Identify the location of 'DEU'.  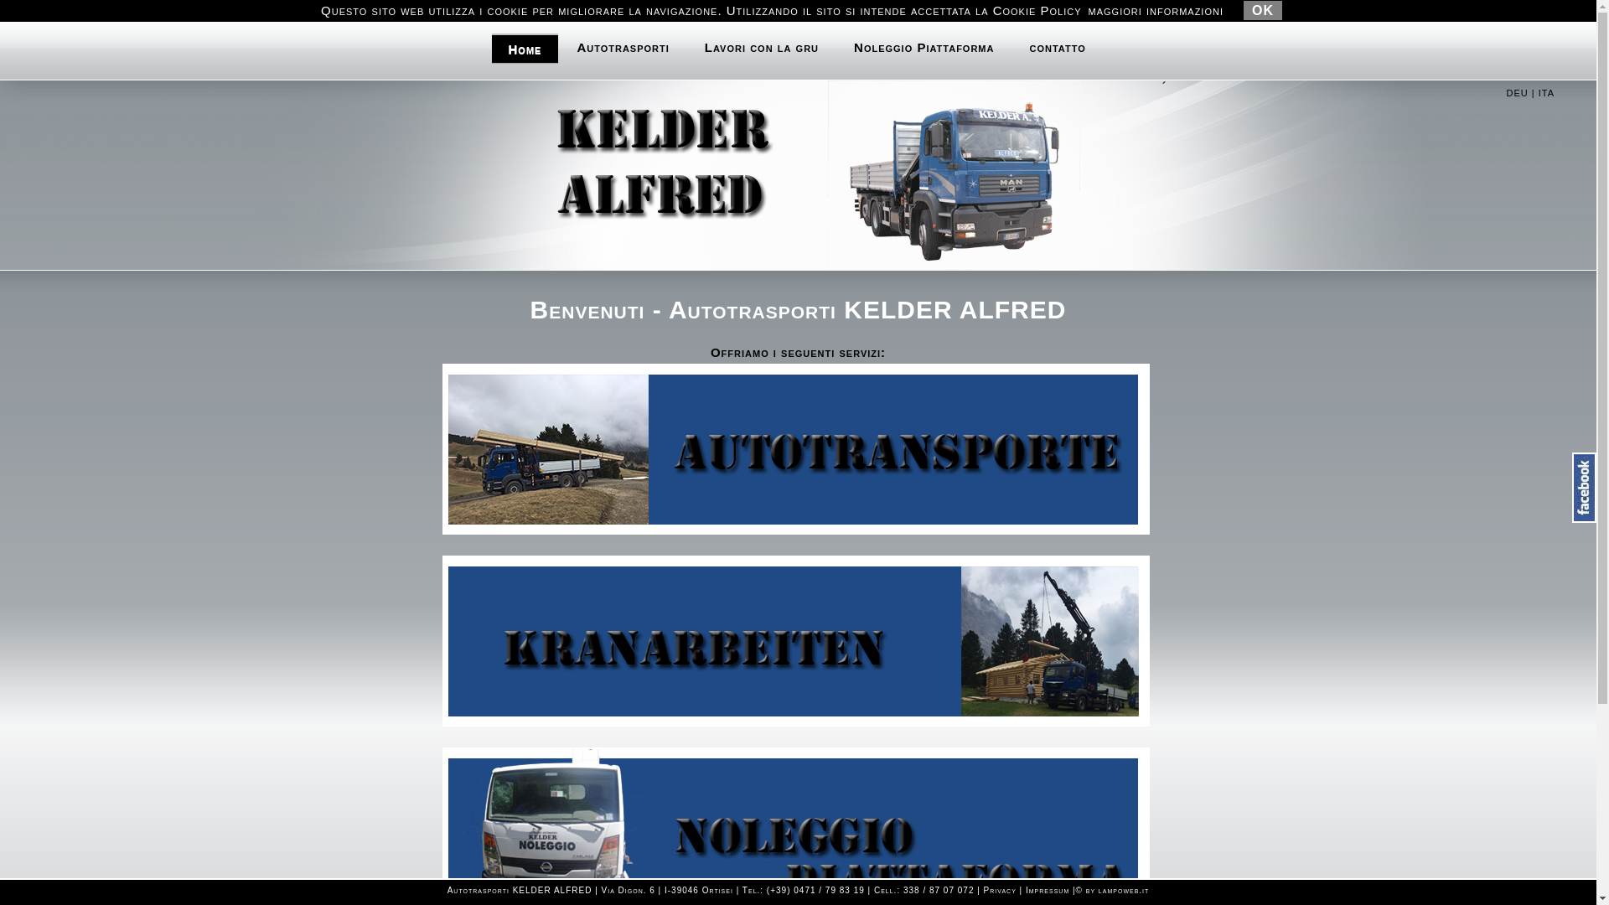
(1516, 93).